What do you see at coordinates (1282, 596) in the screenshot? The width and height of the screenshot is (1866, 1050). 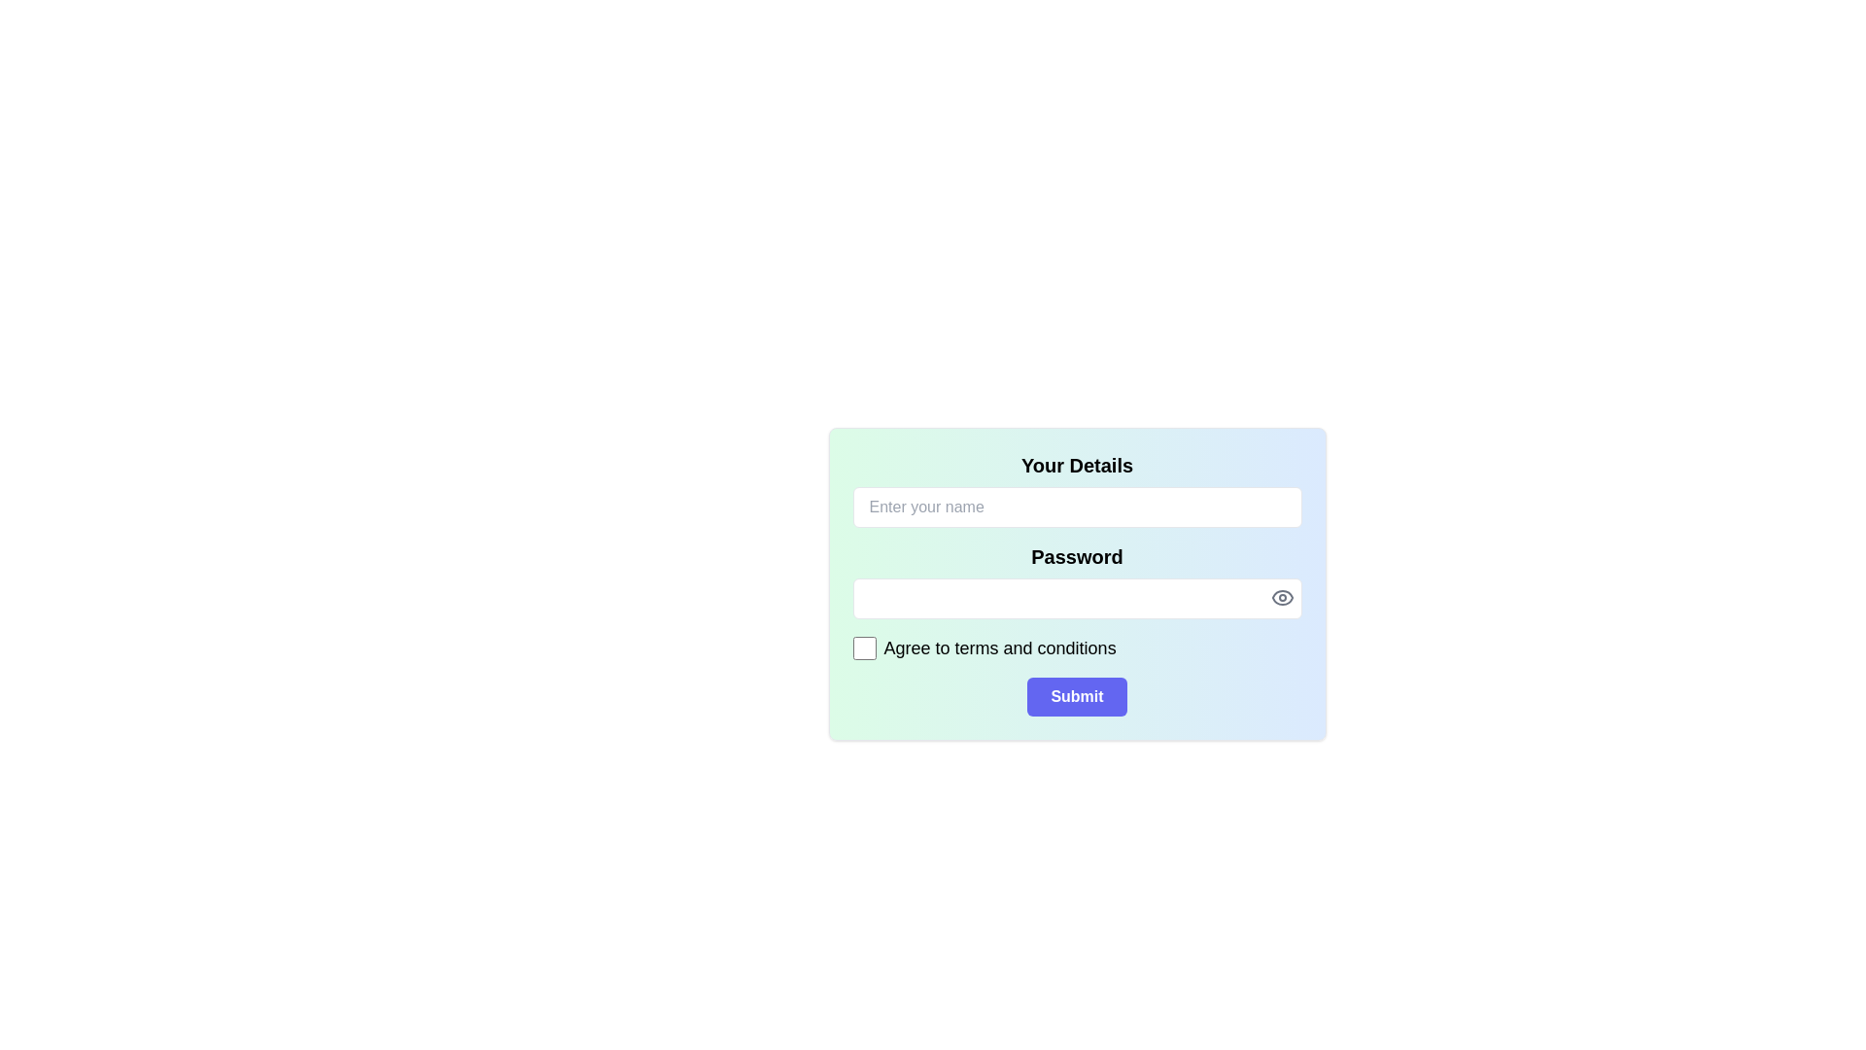 I see `the eye icon element that toggles password visibility located at the end of the password input field` at bounding box center [1282, 596].